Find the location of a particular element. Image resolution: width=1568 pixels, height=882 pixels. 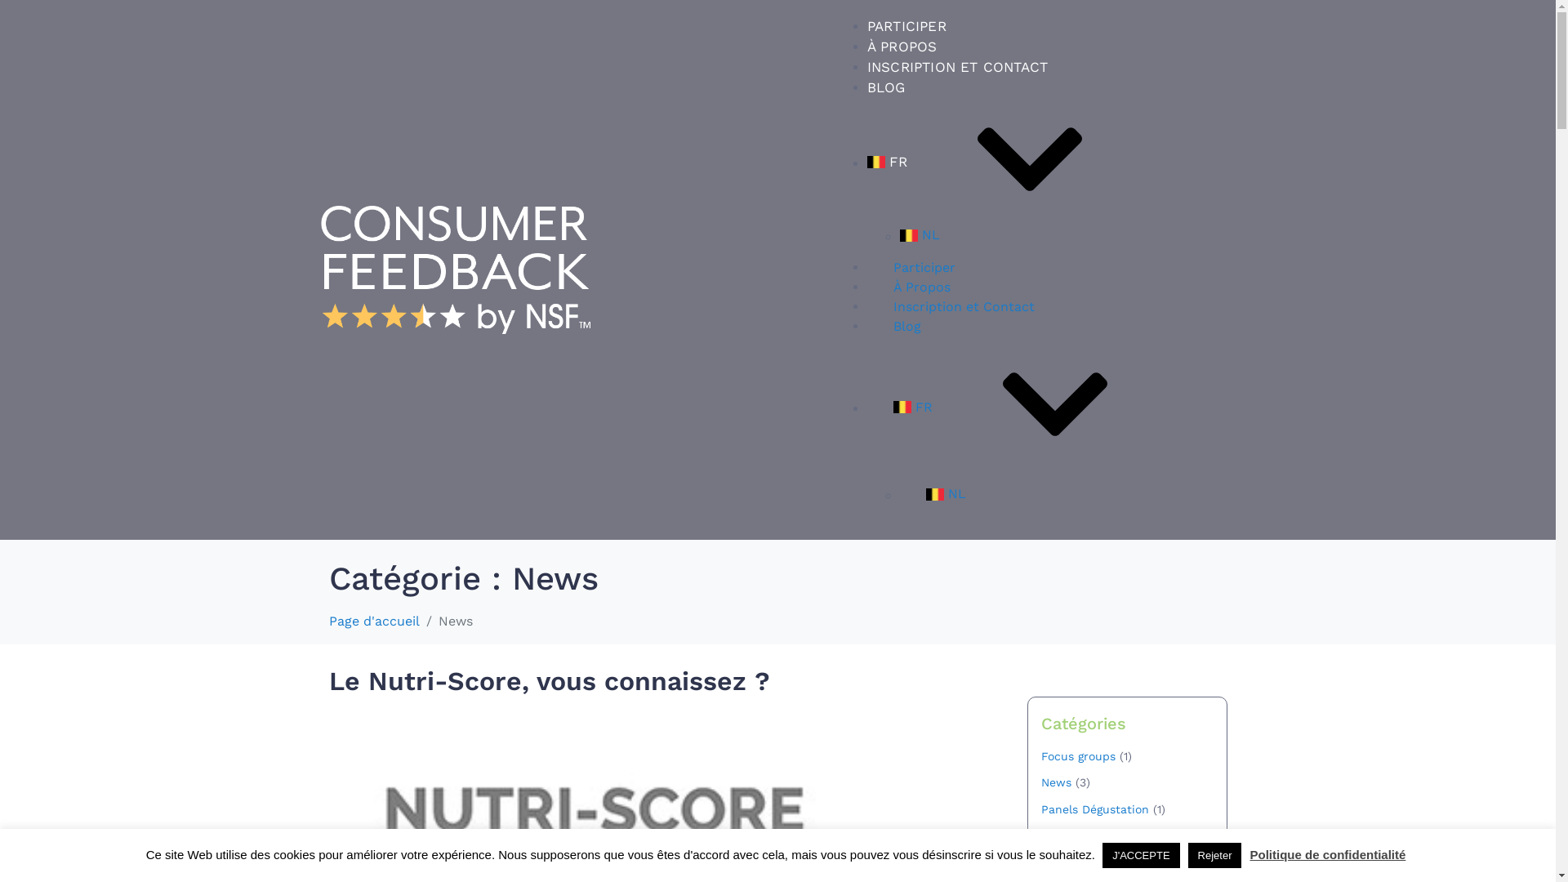

'FR' is located at coordinates (1034, 161).